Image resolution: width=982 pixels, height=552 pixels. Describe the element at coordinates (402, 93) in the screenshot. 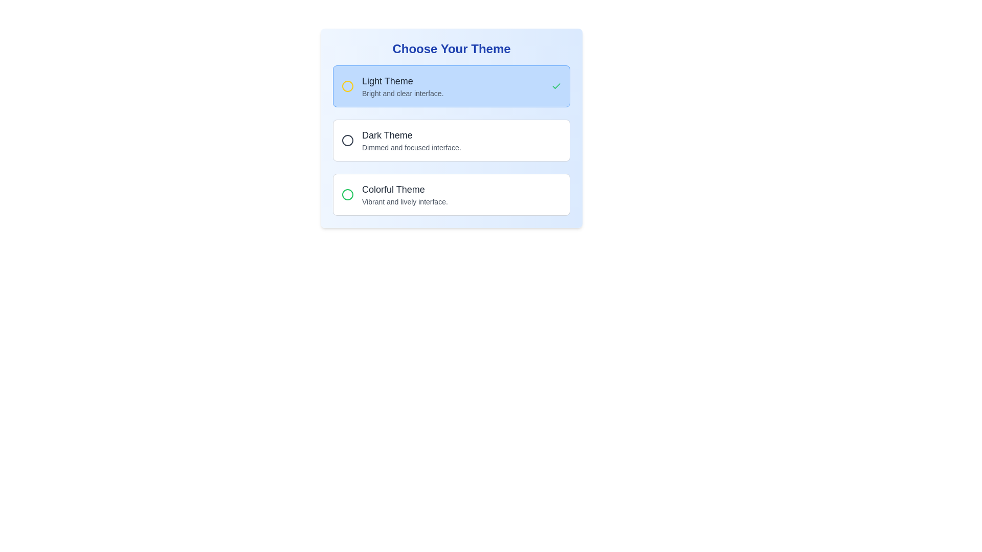

I see `the descriptive text element located below the 'Light Theme' title, which provides additional context about the 'Light Theme' option` at that location.